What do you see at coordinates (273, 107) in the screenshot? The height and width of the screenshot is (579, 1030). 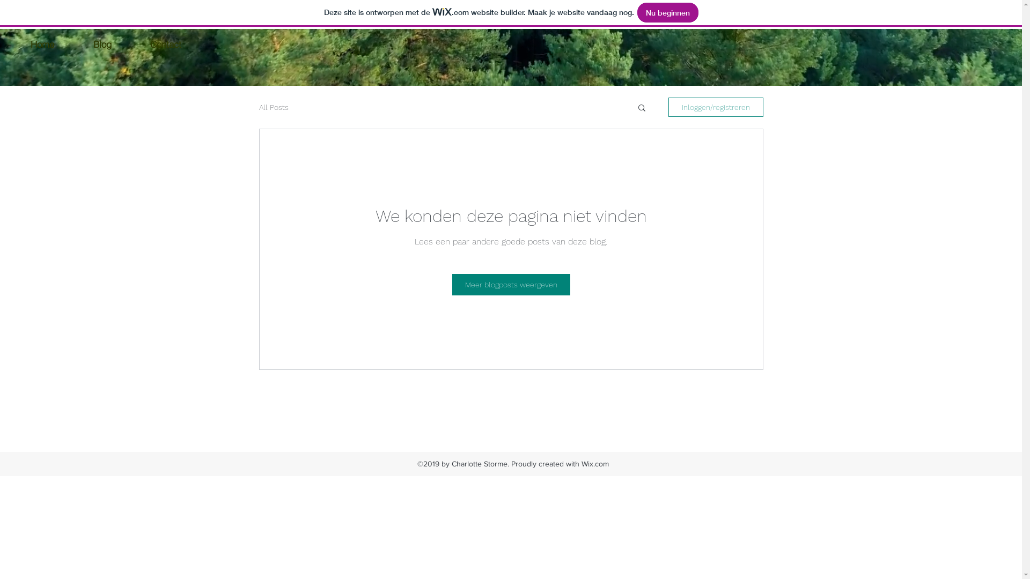 I see `'All Posts'` at bounding box center [273, 107].